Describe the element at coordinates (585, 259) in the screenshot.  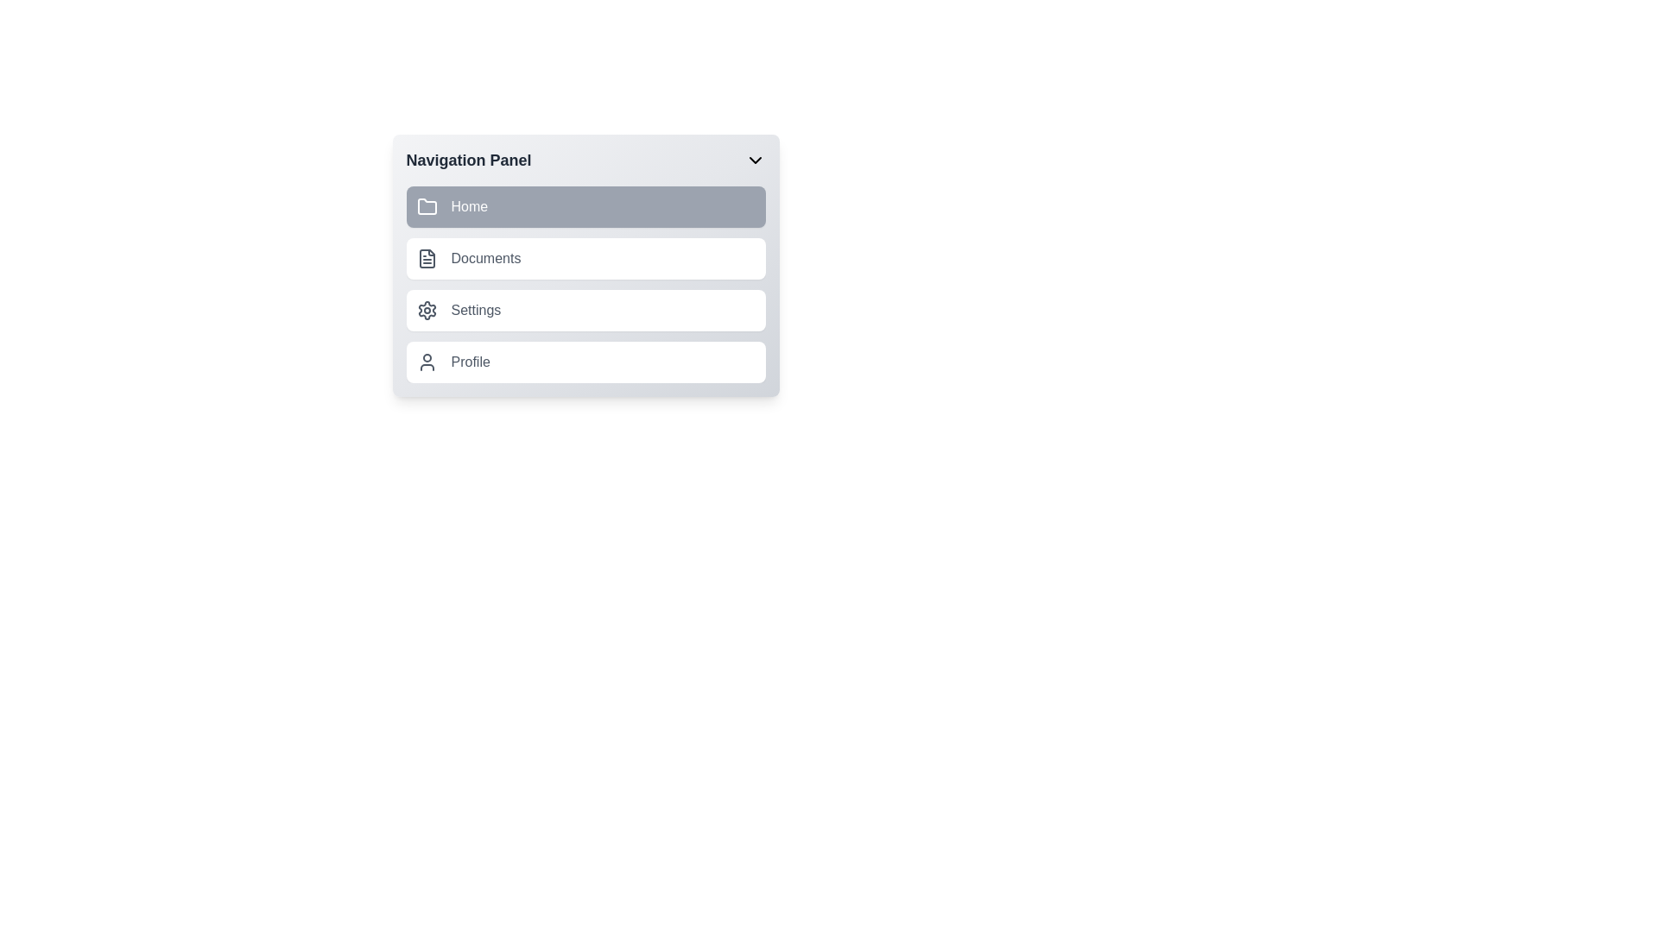
I see `to select the 'Documents' option in the vertical navigation list, which is the second item below 'Home' and above 'Settings'` at that location.